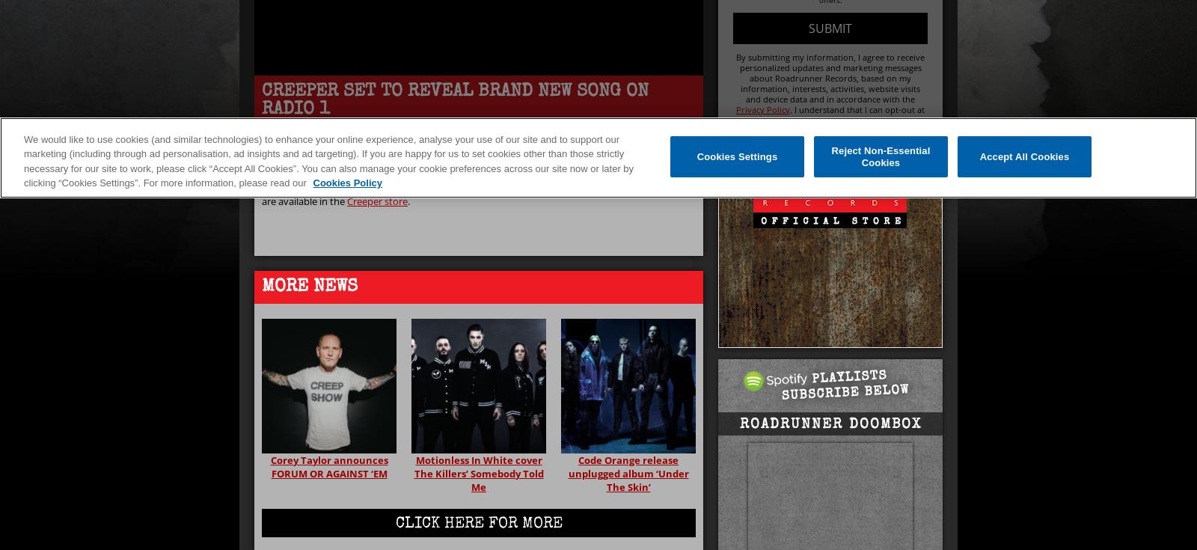 This screenshot has height=550, width=1197. Describe the element at coordinates (870, 120) in the screenshot. I see `'privacypolicy@wmg.com'` at that location.